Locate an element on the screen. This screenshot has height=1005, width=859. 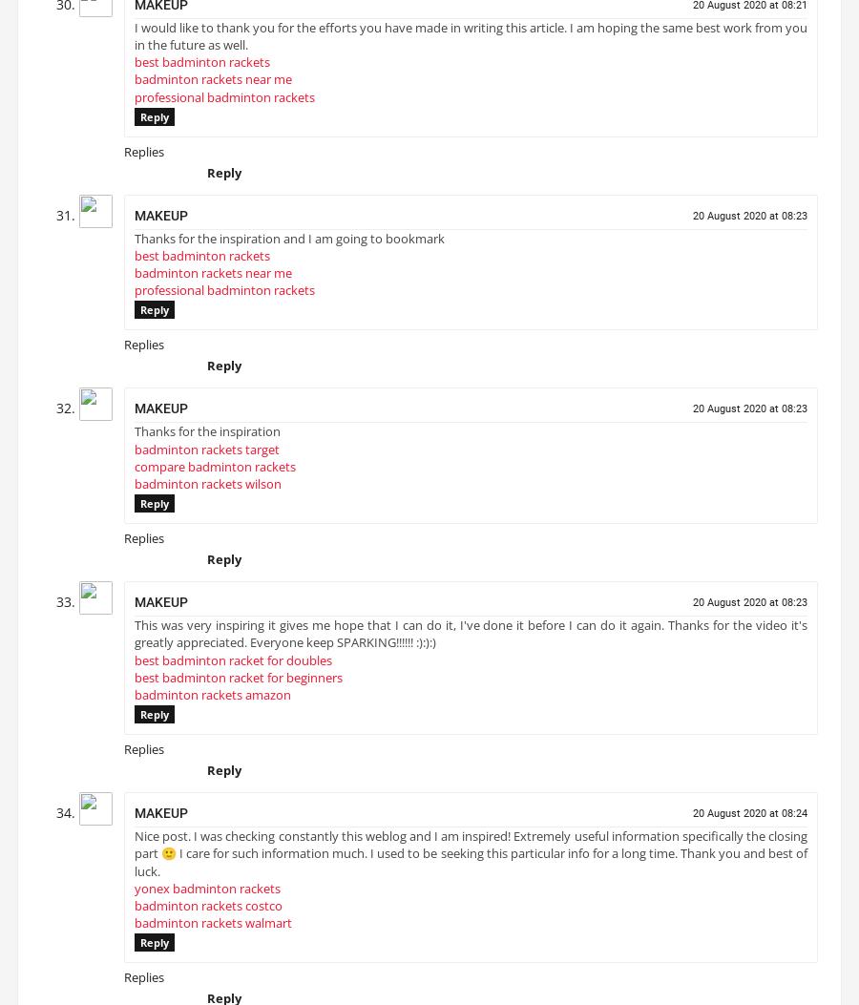
'This was very inspiring it gives me hope that I can do it, I've done it before I can do it again. Thanks for the video it's greatly appreciated. Everyone keep SPARKING!!!!!! :):):)' is located at coordinates (135, 641).